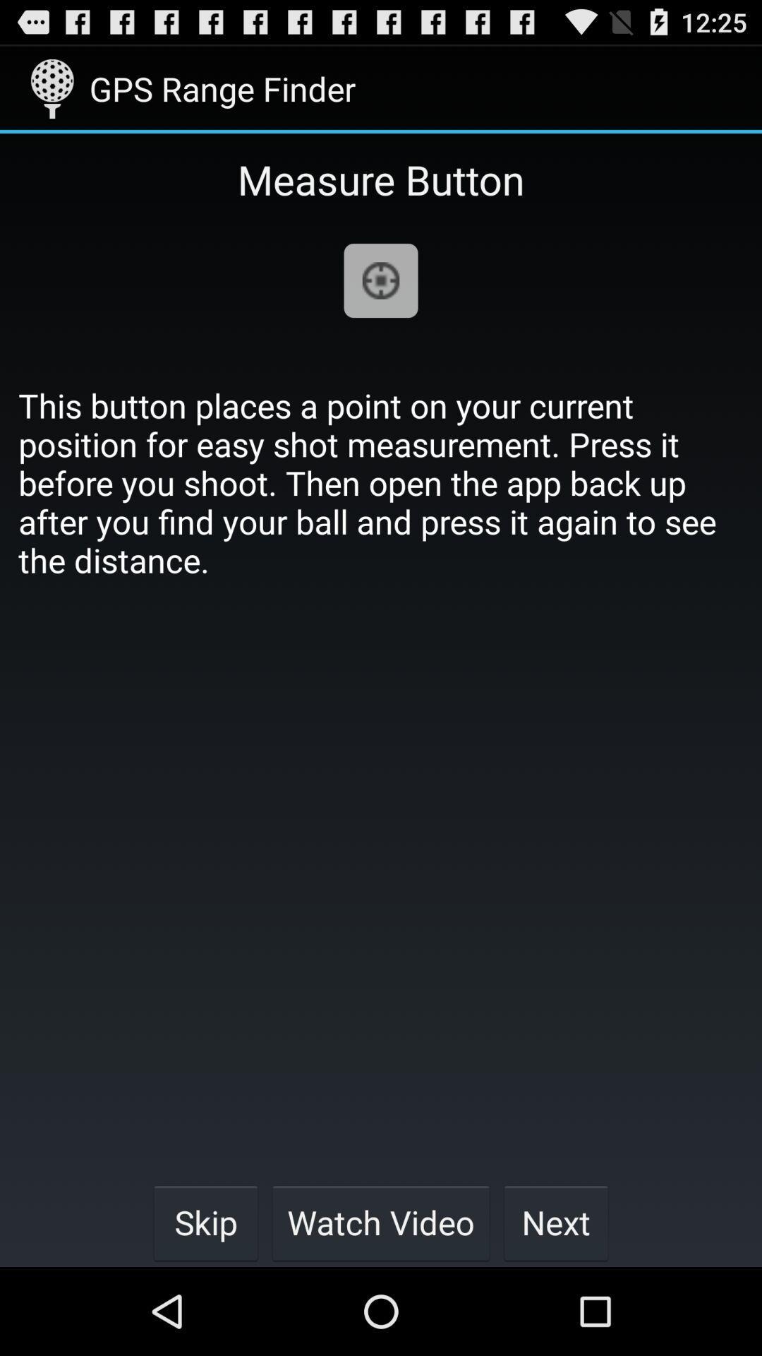 Image resolution: width=762 pixels, height=1356 pixels. What do you see at coordinates (381, 299) in the screenshot?
I see `the location_crosshair icon` at bounding box center [381, 299].